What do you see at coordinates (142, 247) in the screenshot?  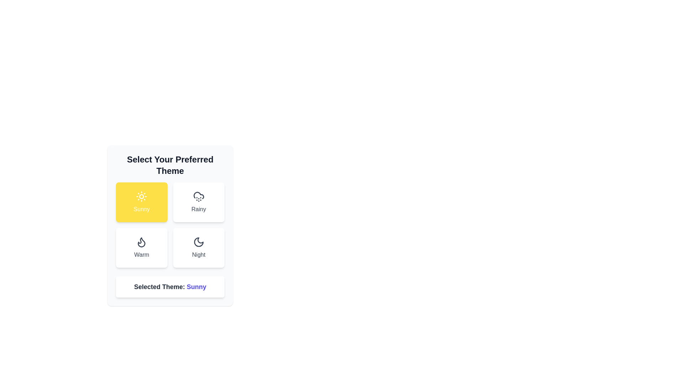 I see `the theme button labeled Warm to select it` at bounding box center [142, 247].